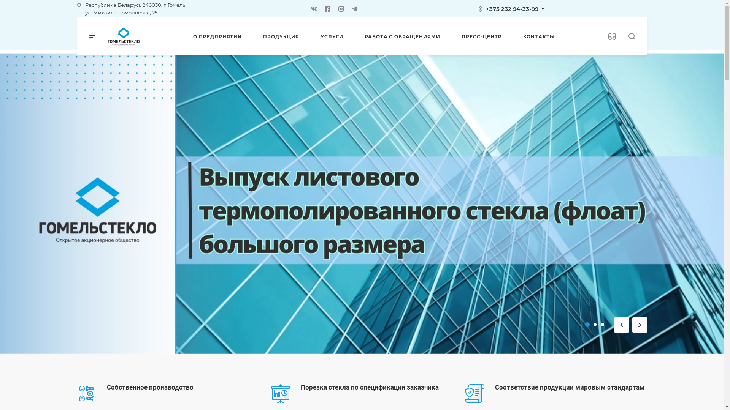 The image size is (730, 410). What do you see at coordinates (350, 9) in the screenshot?
I see `'Telegram'` at bounding box center [350, 9].